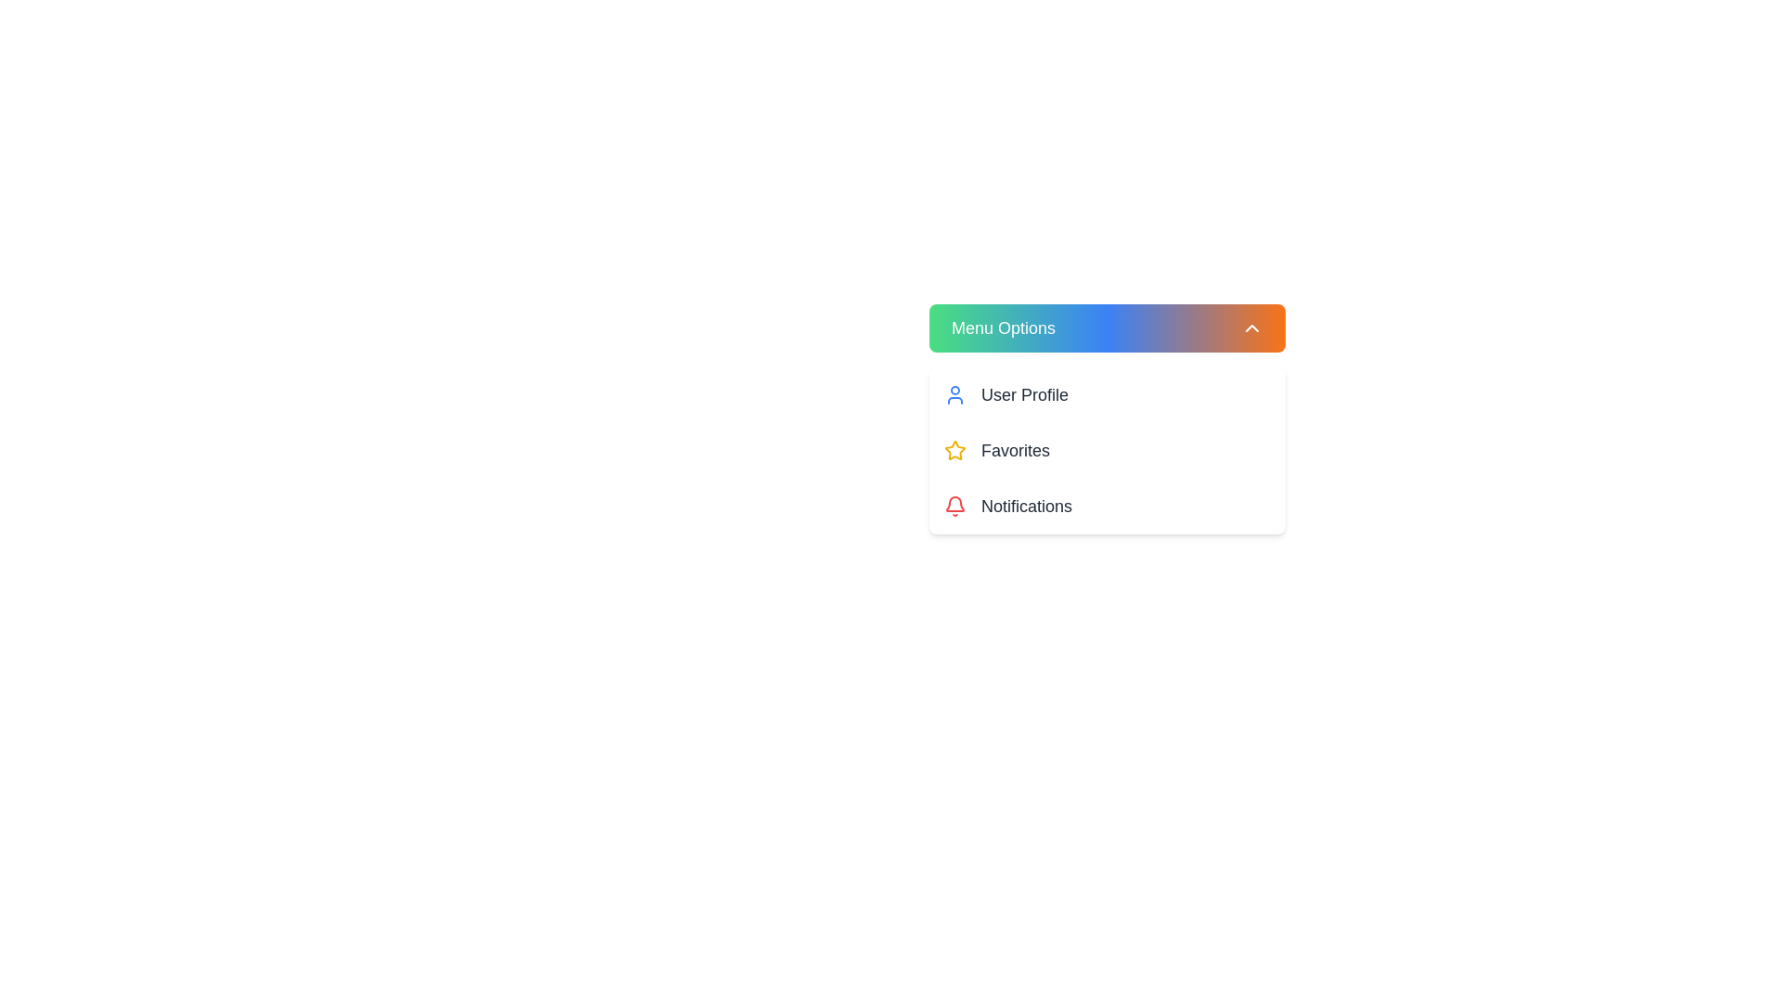 Image resolution: width=1781 pixels, height=1002 pixels. I want to click on the star icon, which is a yellow star with a white interior located in the menu interface, just to the left of the 'Favorites' text, so click(955, 450).